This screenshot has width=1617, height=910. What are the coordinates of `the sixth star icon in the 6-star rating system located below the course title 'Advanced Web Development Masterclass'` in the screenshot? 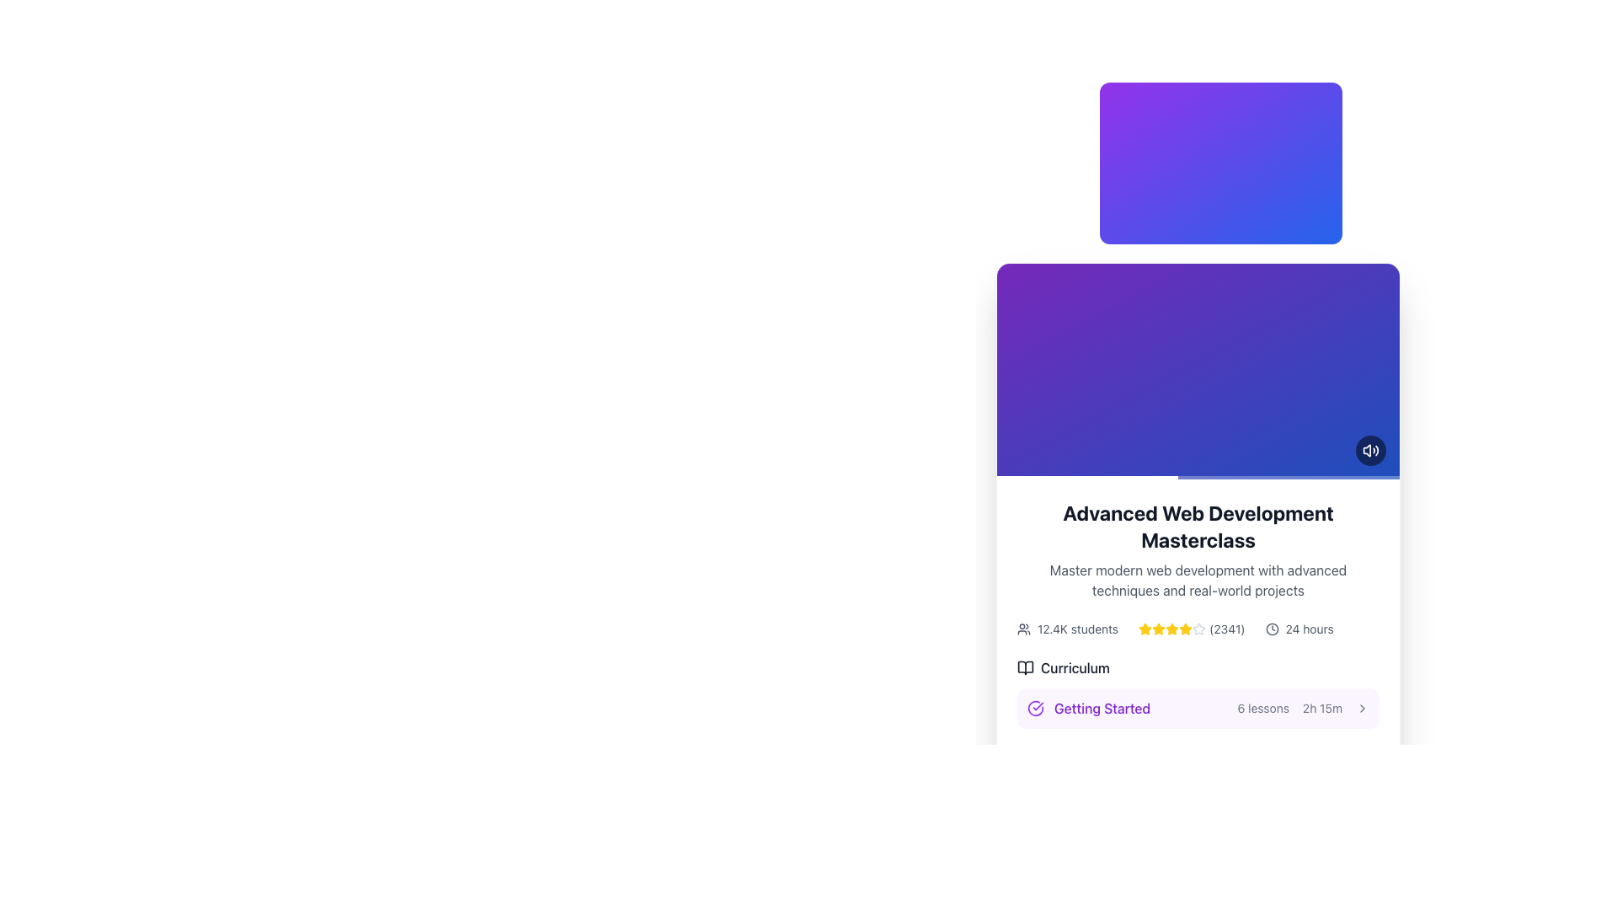 It's located at (1185, 629).